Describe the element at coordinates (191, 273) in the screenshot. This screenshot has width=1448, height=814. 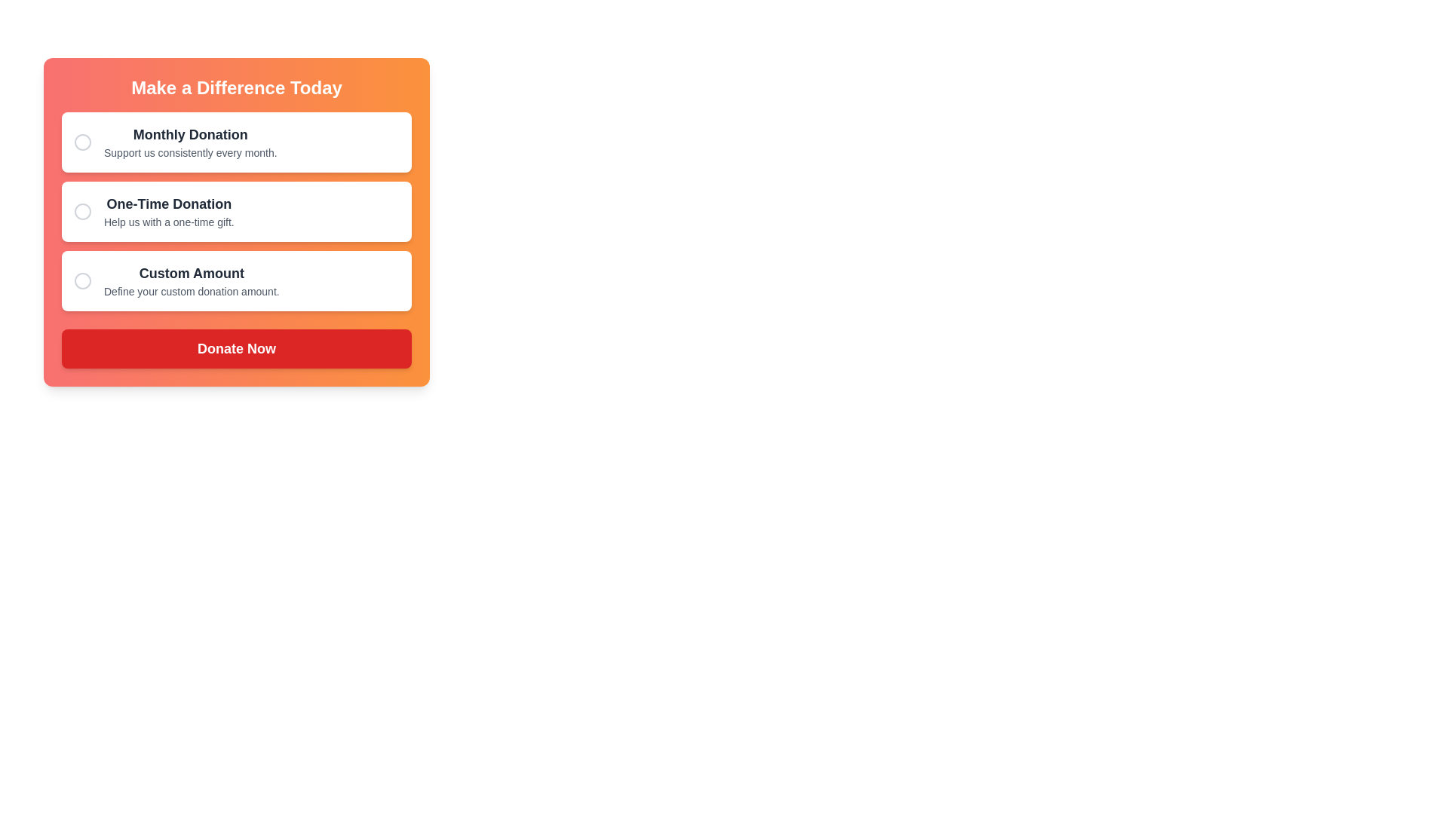
I see `the 'Custom Amount' text label, which is bold and black, located within a white background in the donation options list` at that location.